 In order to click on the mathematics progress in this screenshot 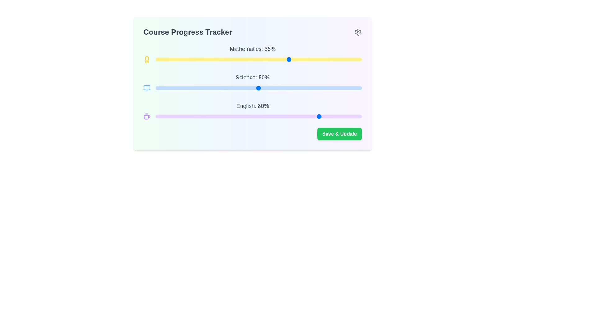, I will do `click(170, 60)`.